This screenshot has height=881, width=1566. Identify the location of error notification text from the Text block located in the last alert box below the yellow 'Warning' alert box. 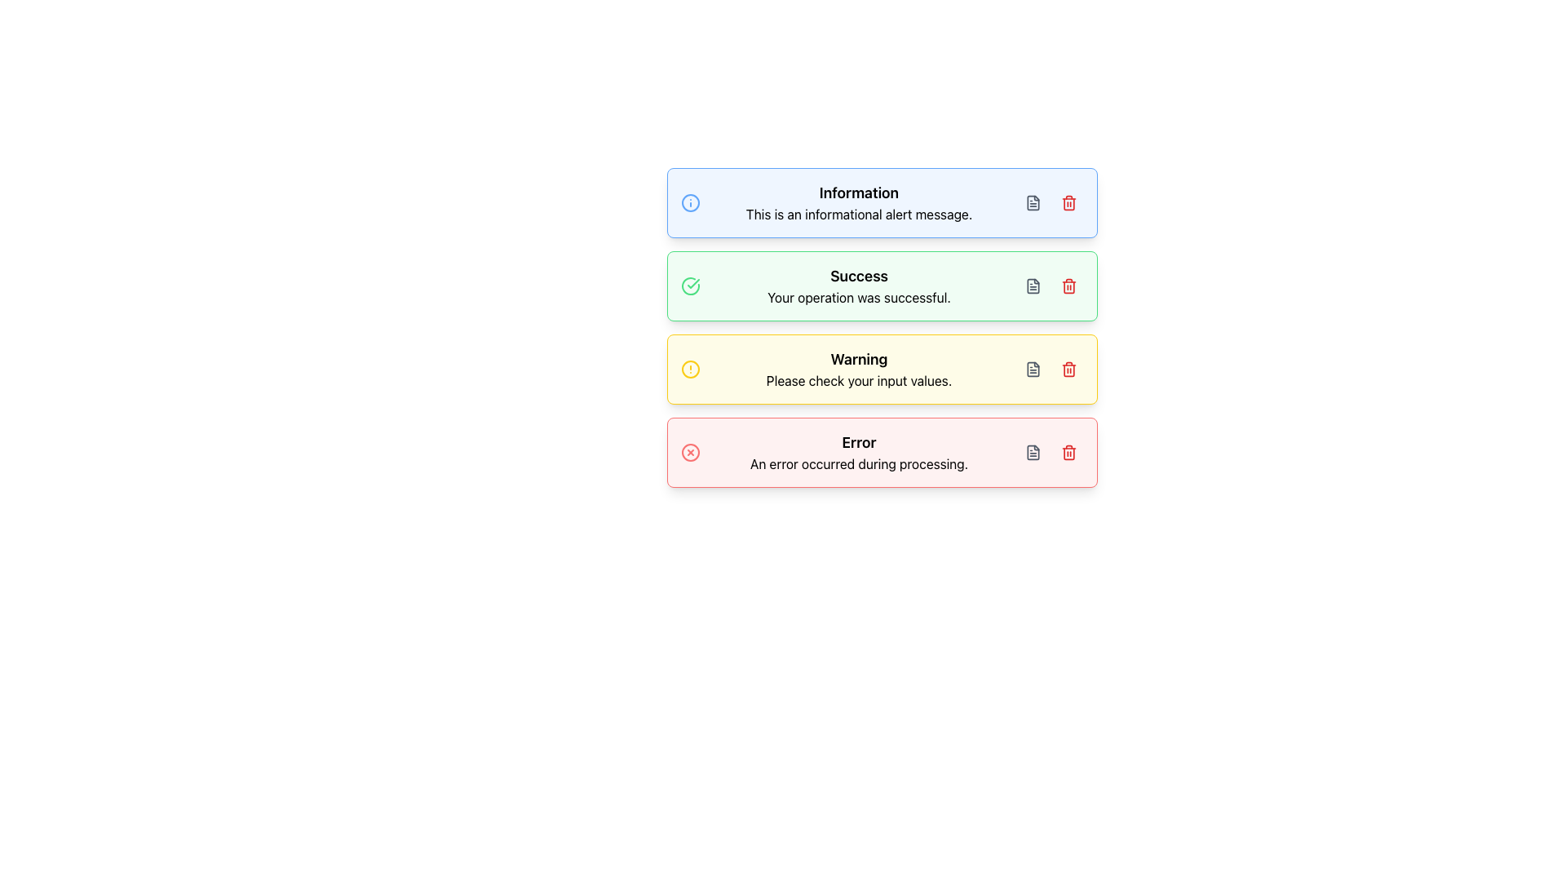
(858, 453).